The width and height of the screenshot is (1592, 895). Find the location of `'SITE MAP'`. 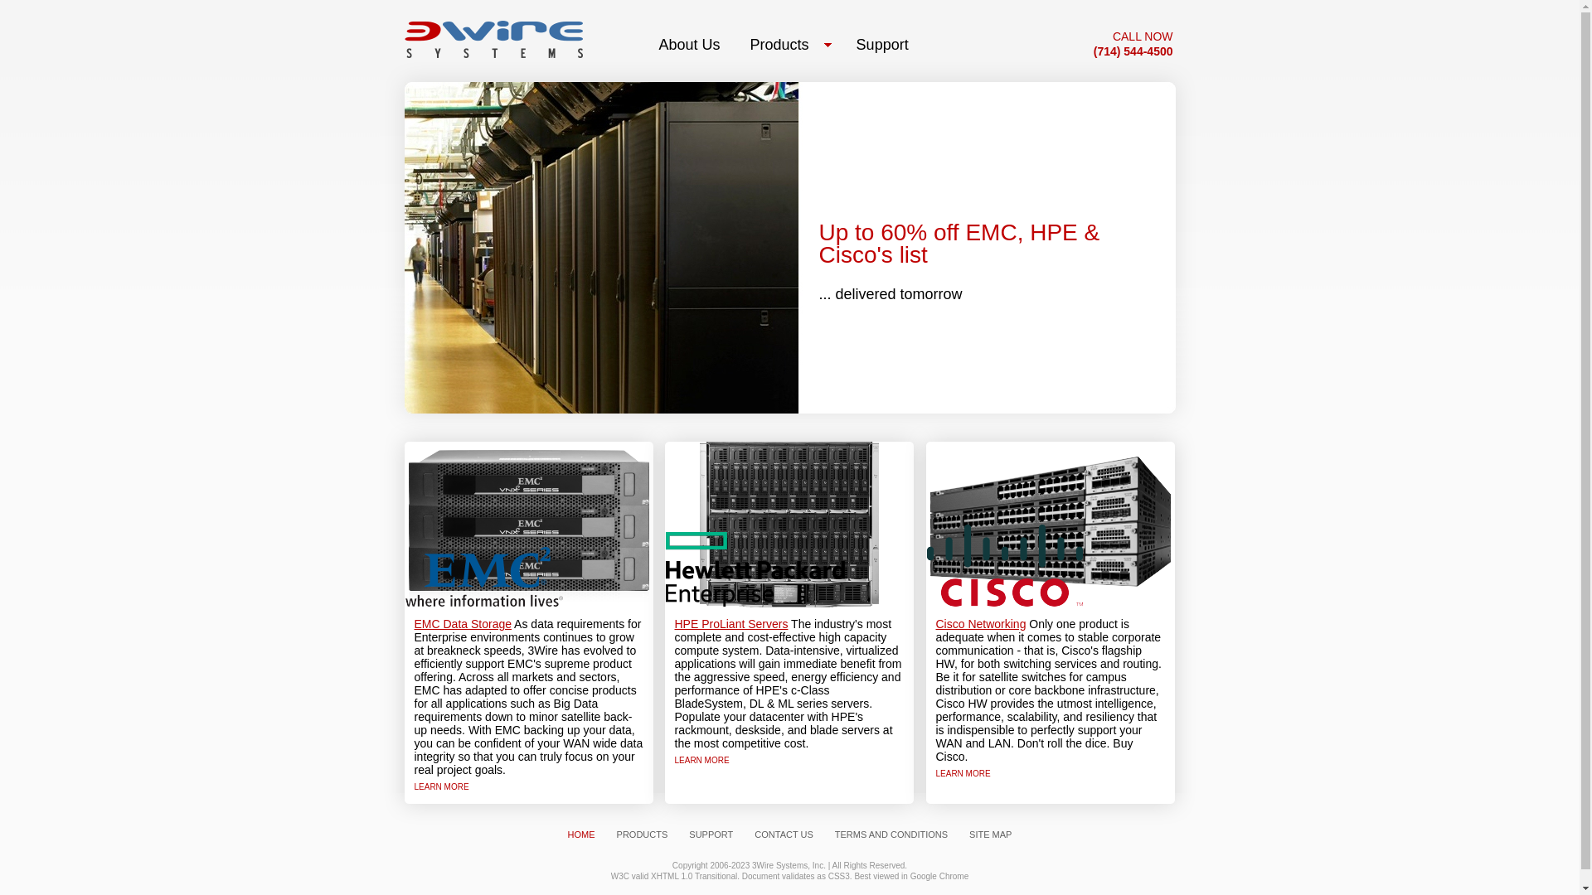

'SITE MAP' is located at coordinates (990, 834).